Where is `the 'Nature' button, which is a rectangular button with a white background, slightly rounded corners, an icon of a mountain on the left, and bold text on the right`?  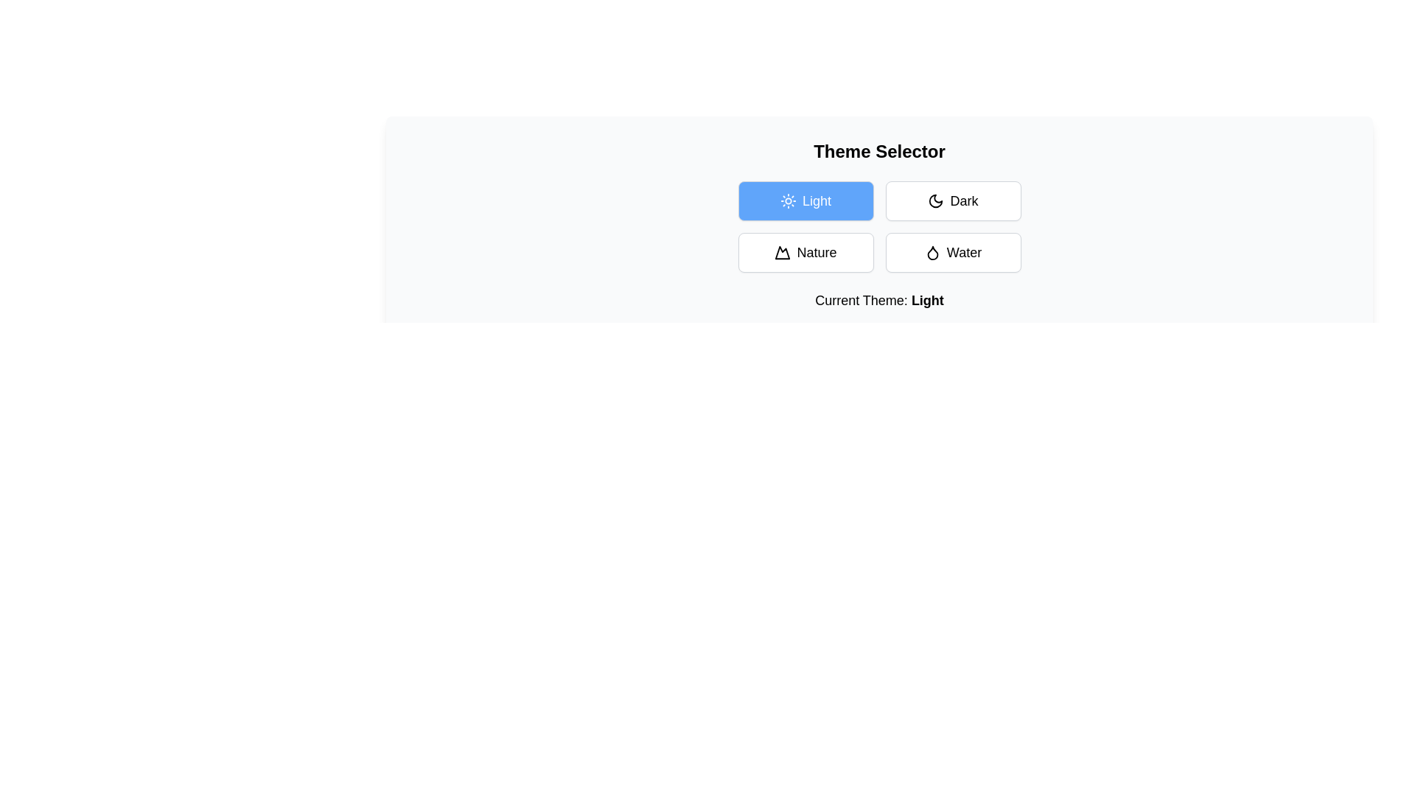 the 'Nature' button, which is a rectangular button with a white background, slightly rounded corners, an icon of a mountain on the left, and bold text on the right is located at coordinates (805, 252).